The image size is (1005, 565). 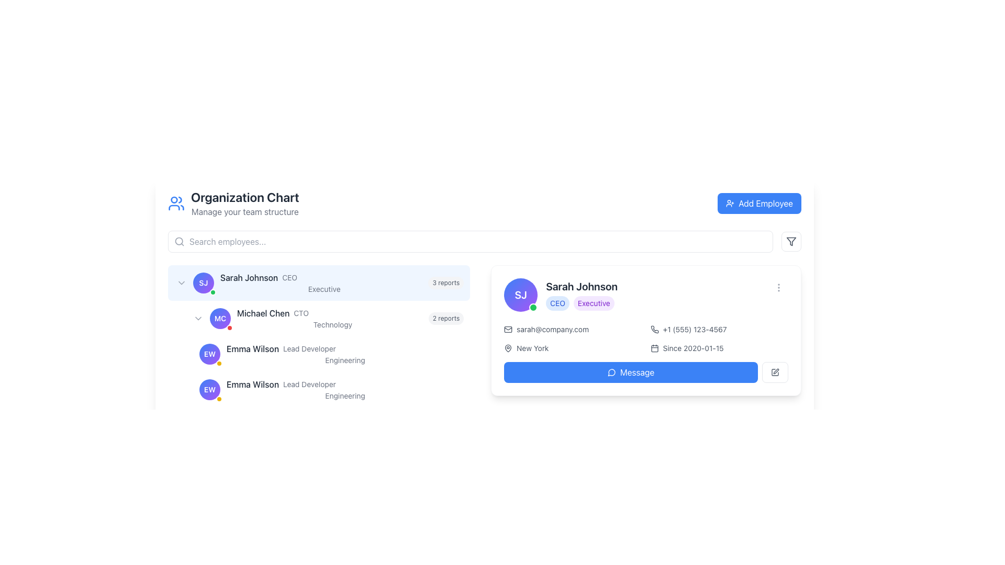 I want to click on the edit button for user profile Sarah Johnson, located in the bottom right corner of the detailed profile section, so click(x=775, y=372).